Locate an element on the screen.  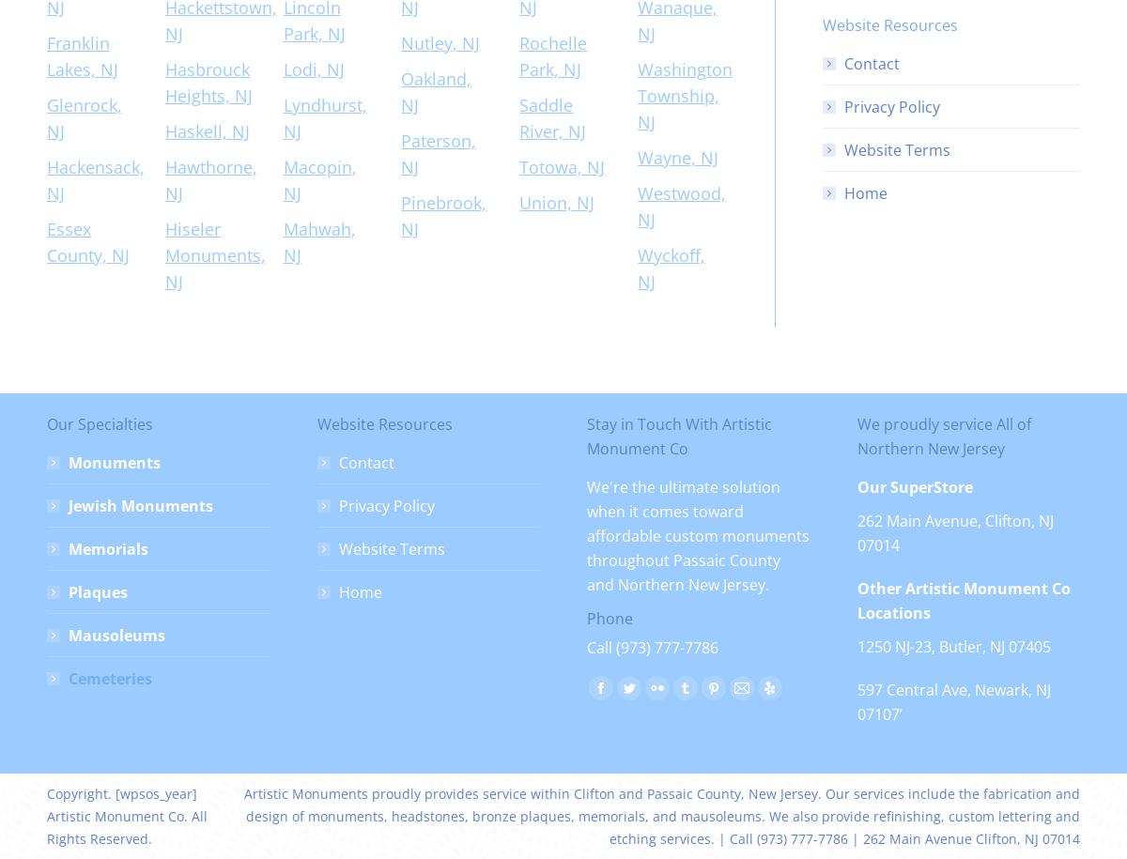
'Artistic Monuments proudly provides service within Clifton and Passaic County, New Jersey. Our services include the fabrication and design of monuments, headstones, bronze plaques, memorials, and mausoleums. We also provide refinishing, custom lettering and etching services. | Call (973) 777-7786 | 262 Main Avenue Clifton, NJ 07014' is located at coordinates (243, 815).